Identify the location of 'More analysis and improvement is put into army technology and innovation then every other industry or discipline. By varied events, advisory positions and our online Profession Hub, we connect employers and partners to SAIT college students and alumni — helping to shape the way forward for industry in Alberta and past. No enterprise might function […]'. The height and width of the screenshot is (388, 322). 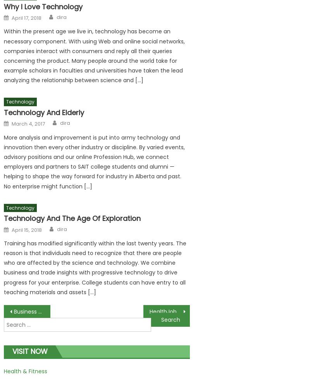
(94, 161).